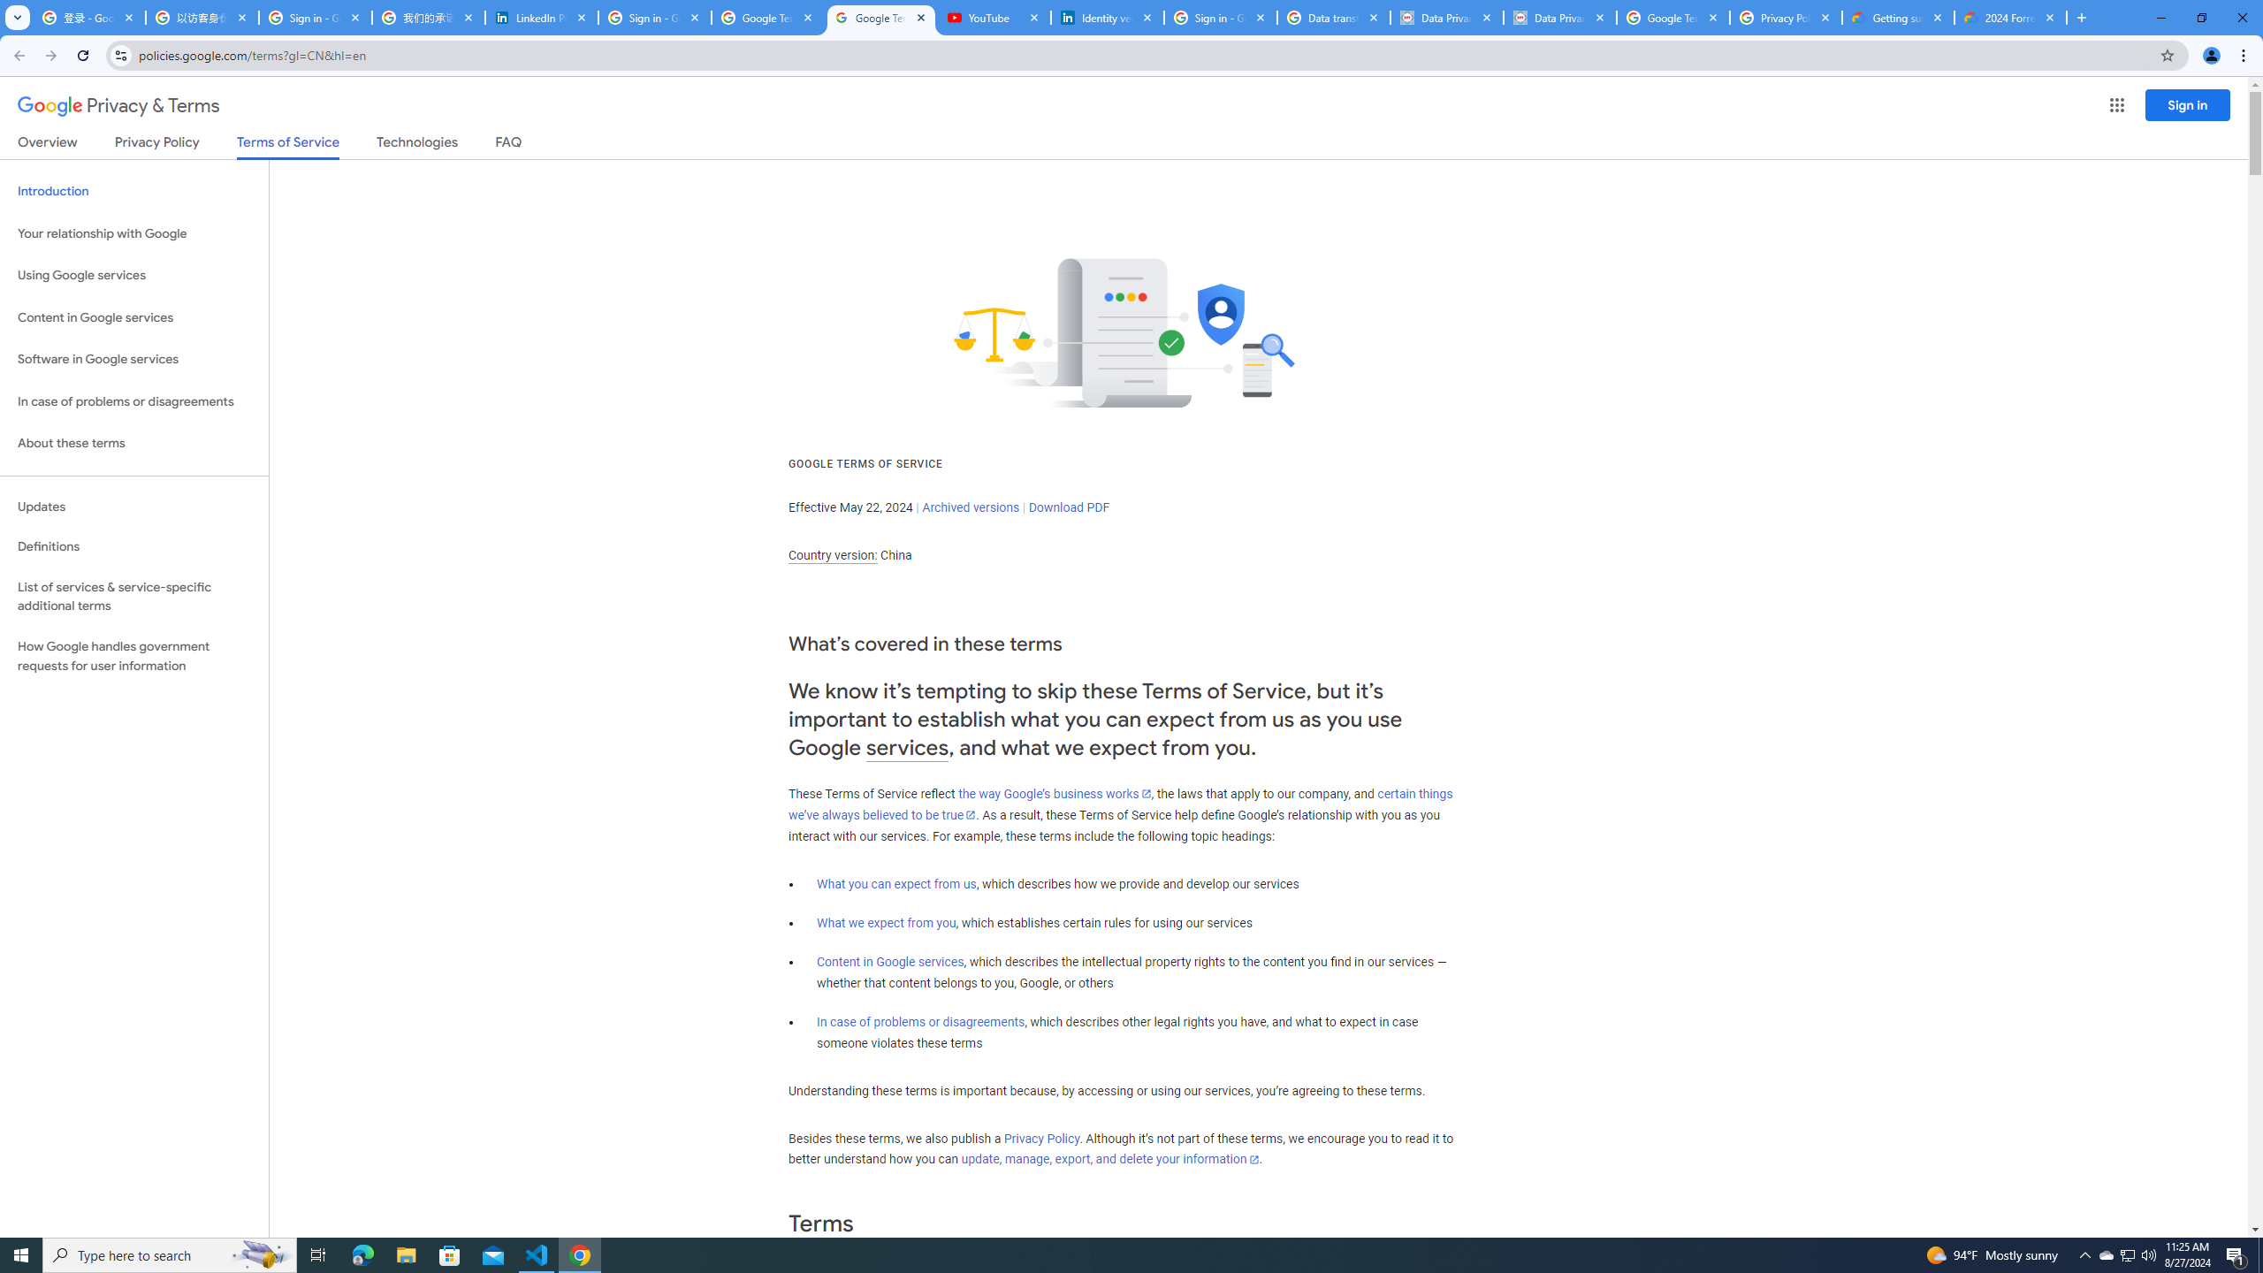  I want to click on 'services', so click(907, 748).